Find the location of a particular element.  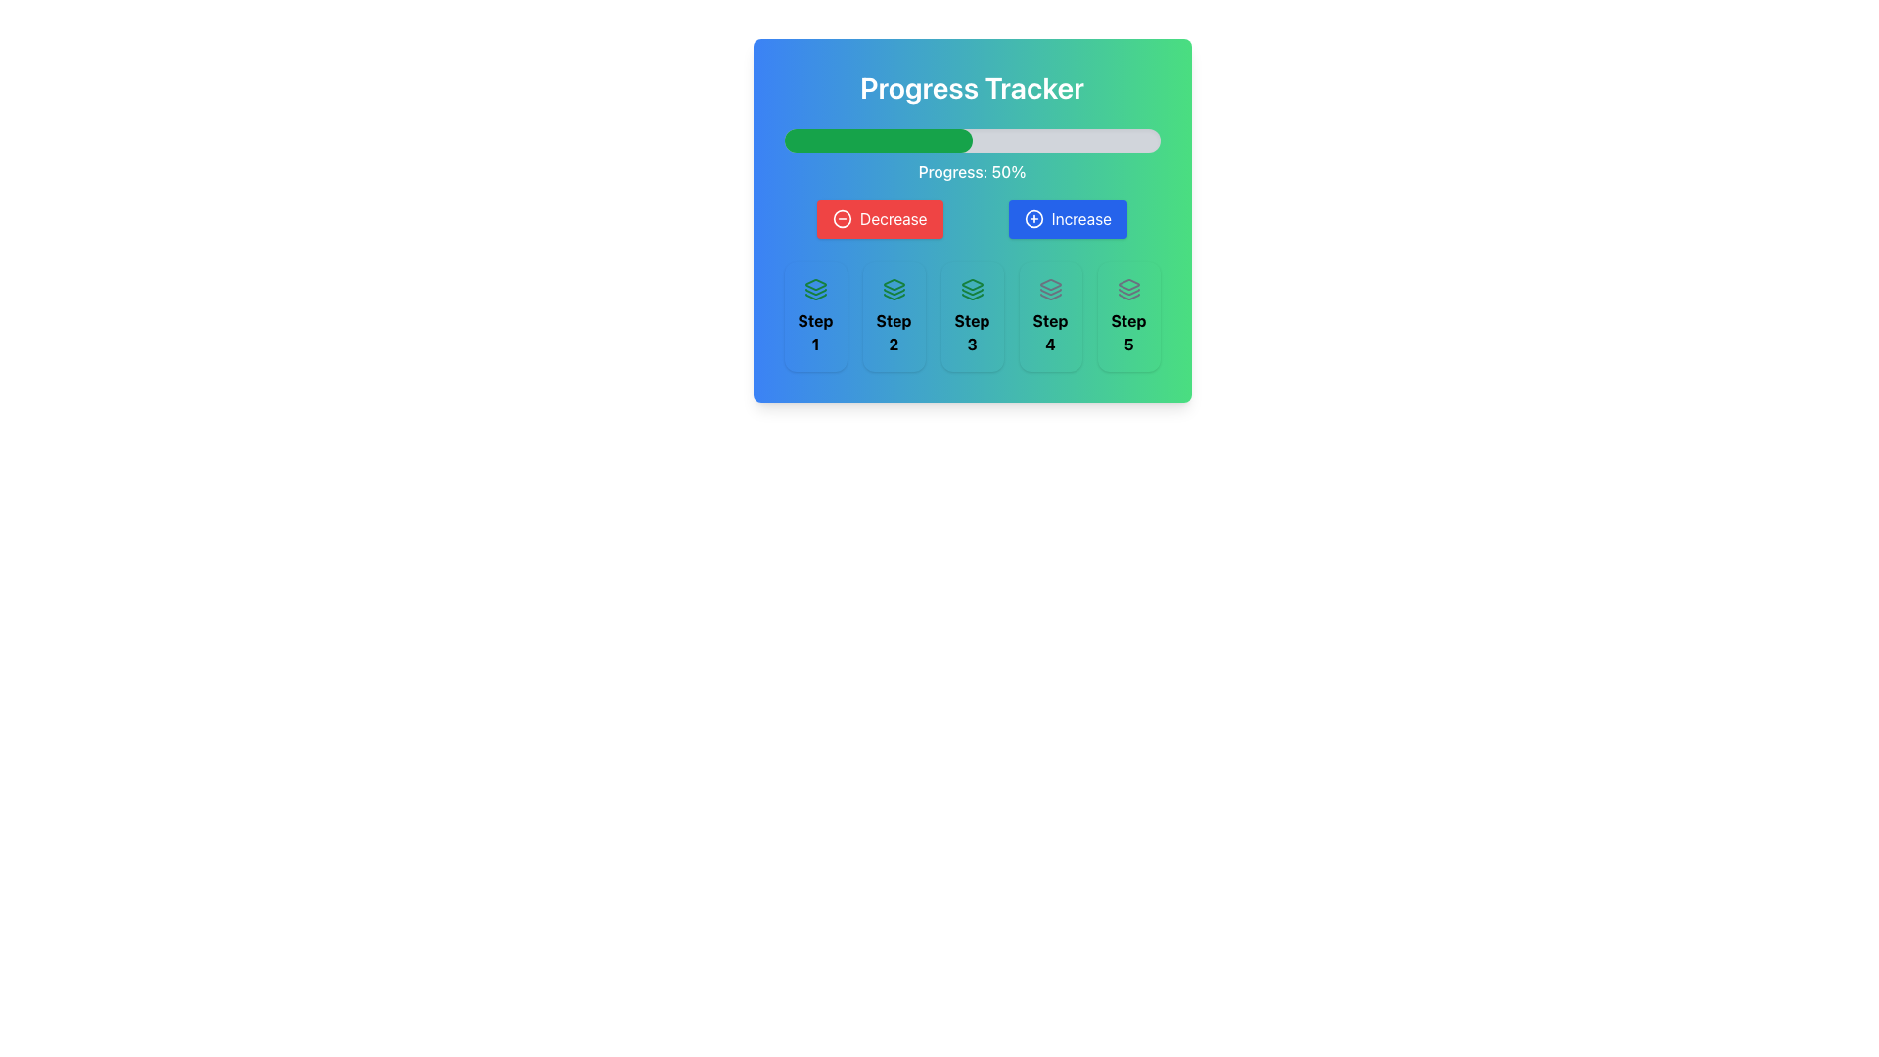

the SVG Icon representing the 'Decrease' functionality located to the left of the 'Decrease' button in the toolbar to decrease progress is located at coordinates (842, 218).